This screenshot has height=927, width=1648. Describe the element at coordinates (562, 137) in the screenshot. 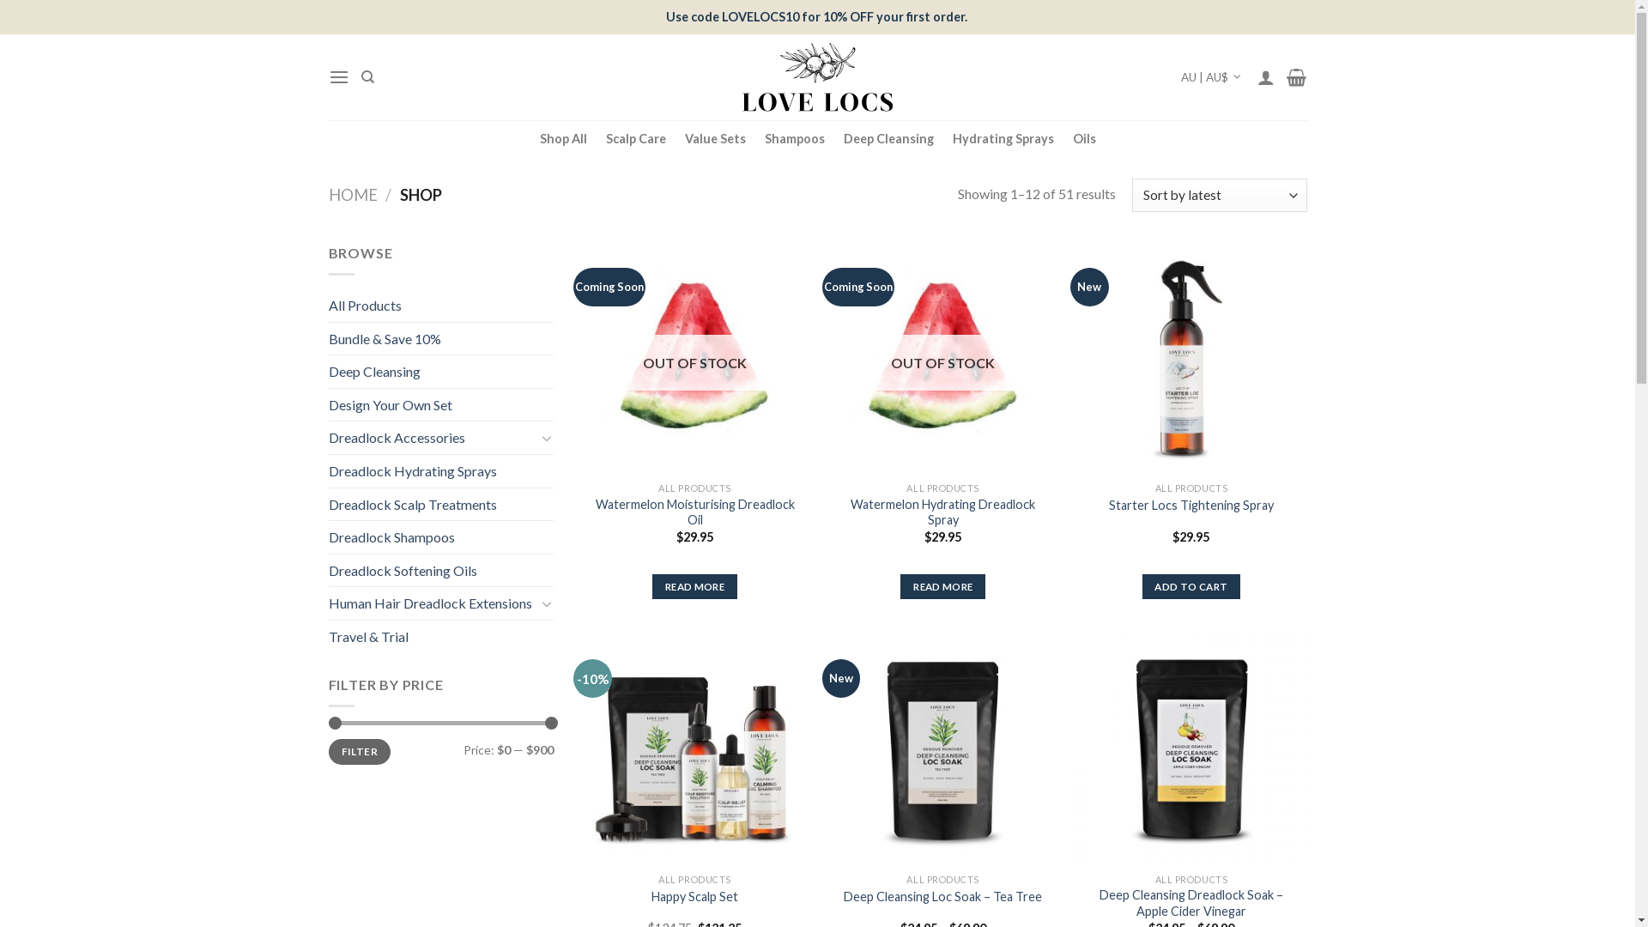

I see `'Shop All'` at that location.